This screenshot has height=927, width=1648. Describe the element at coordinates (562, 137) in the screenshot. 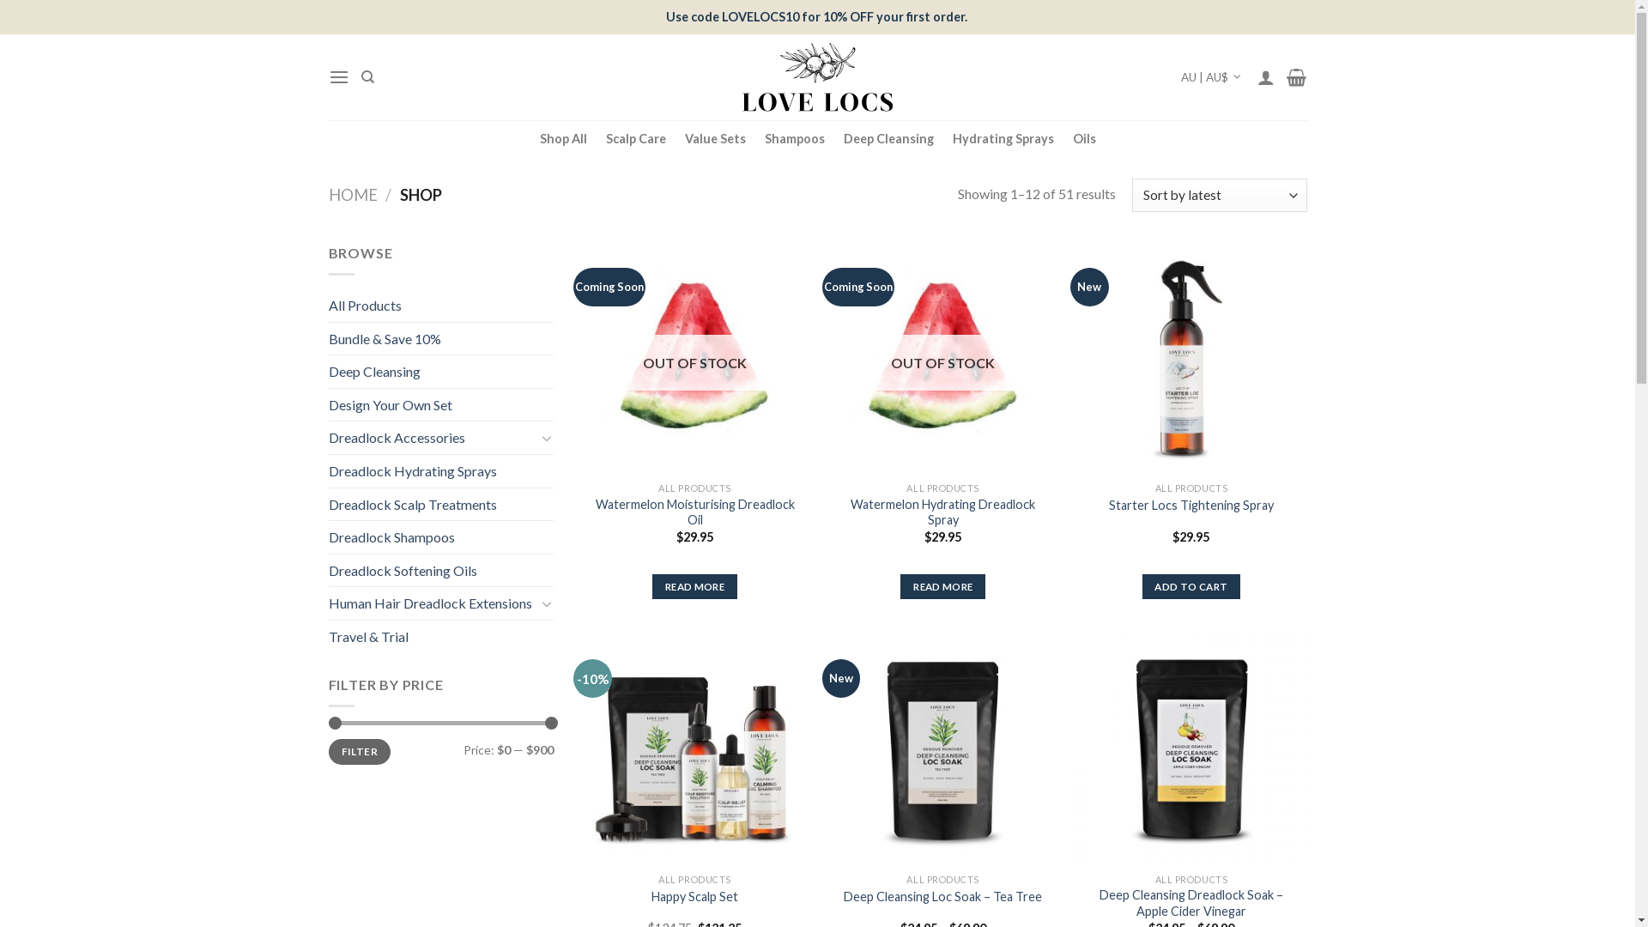

I see `'Shop All'` at that location.